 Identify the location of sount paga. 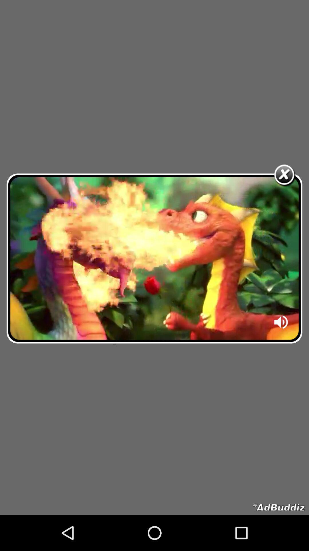
(281, 324).